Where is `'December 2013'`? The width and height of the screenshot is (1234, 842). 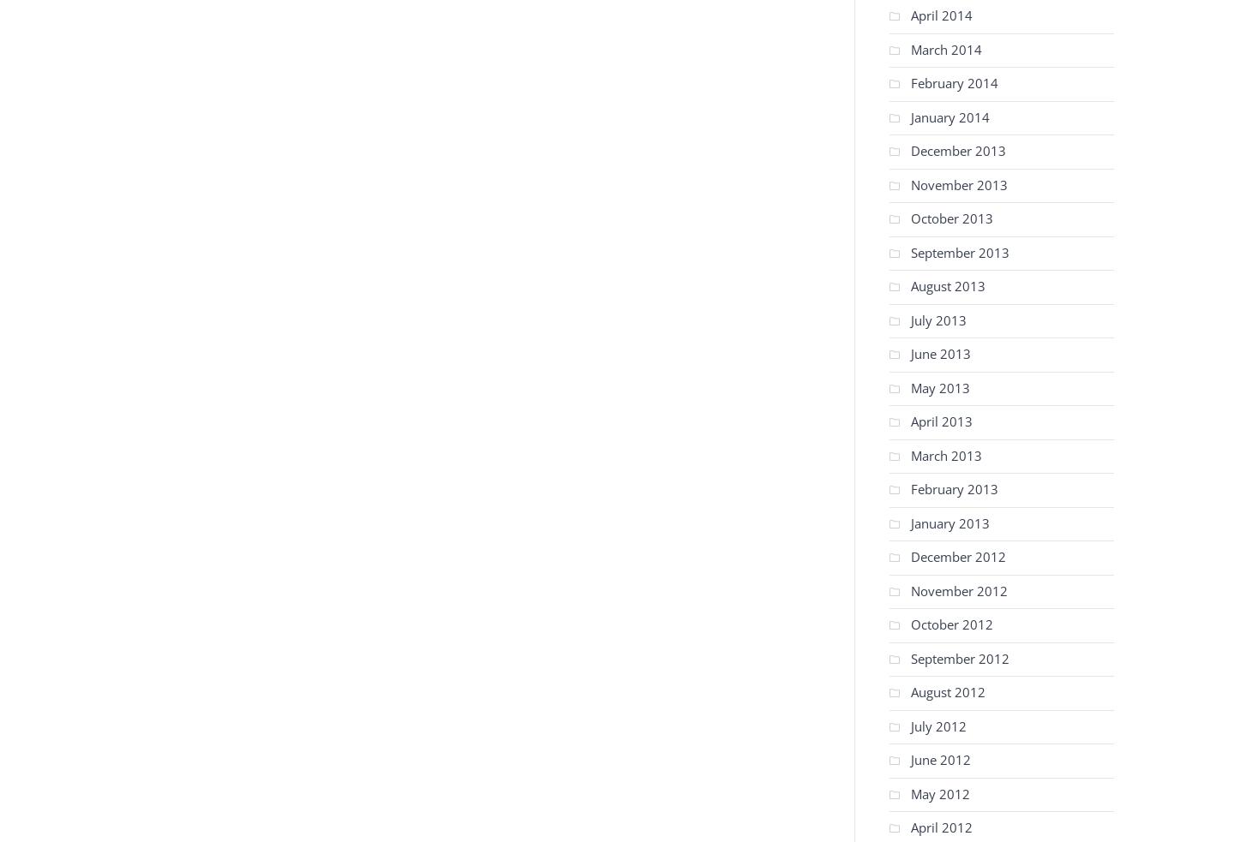
'December 2013' is located at coordinates (911, 150).